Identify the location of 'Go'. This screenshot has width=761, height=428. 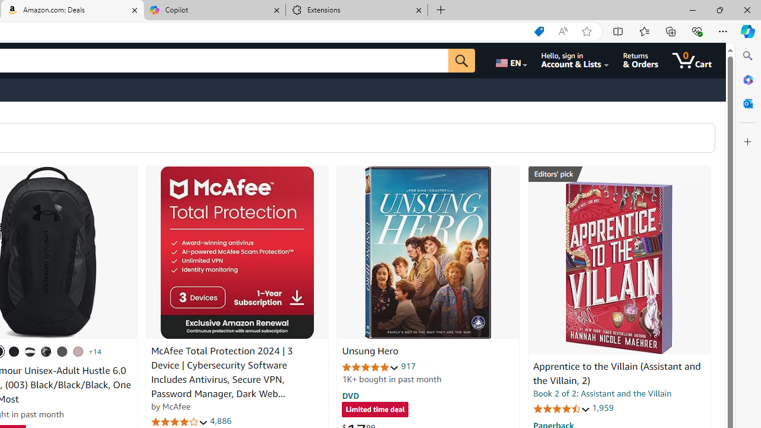
(461, 60).